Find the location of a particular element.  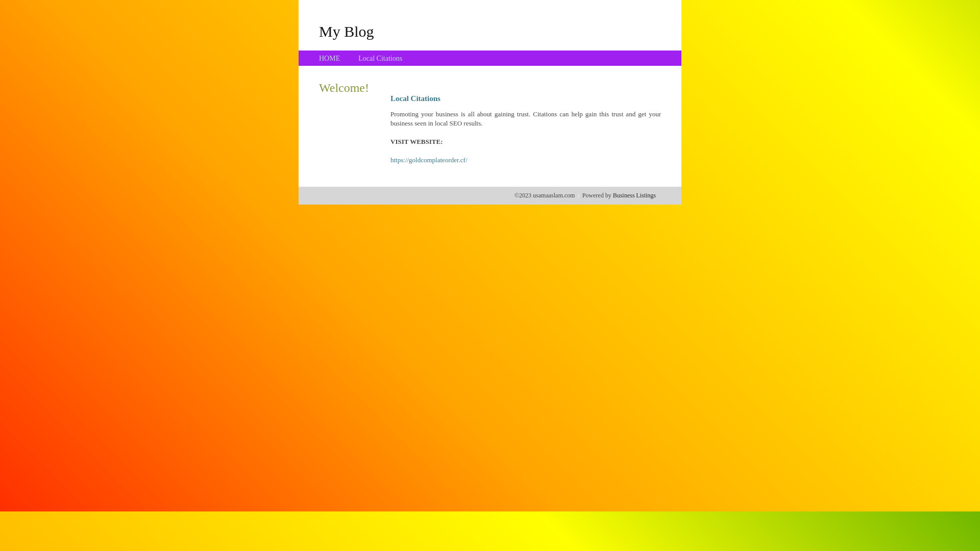

'My Blog' is located at coordinates (346, 31).